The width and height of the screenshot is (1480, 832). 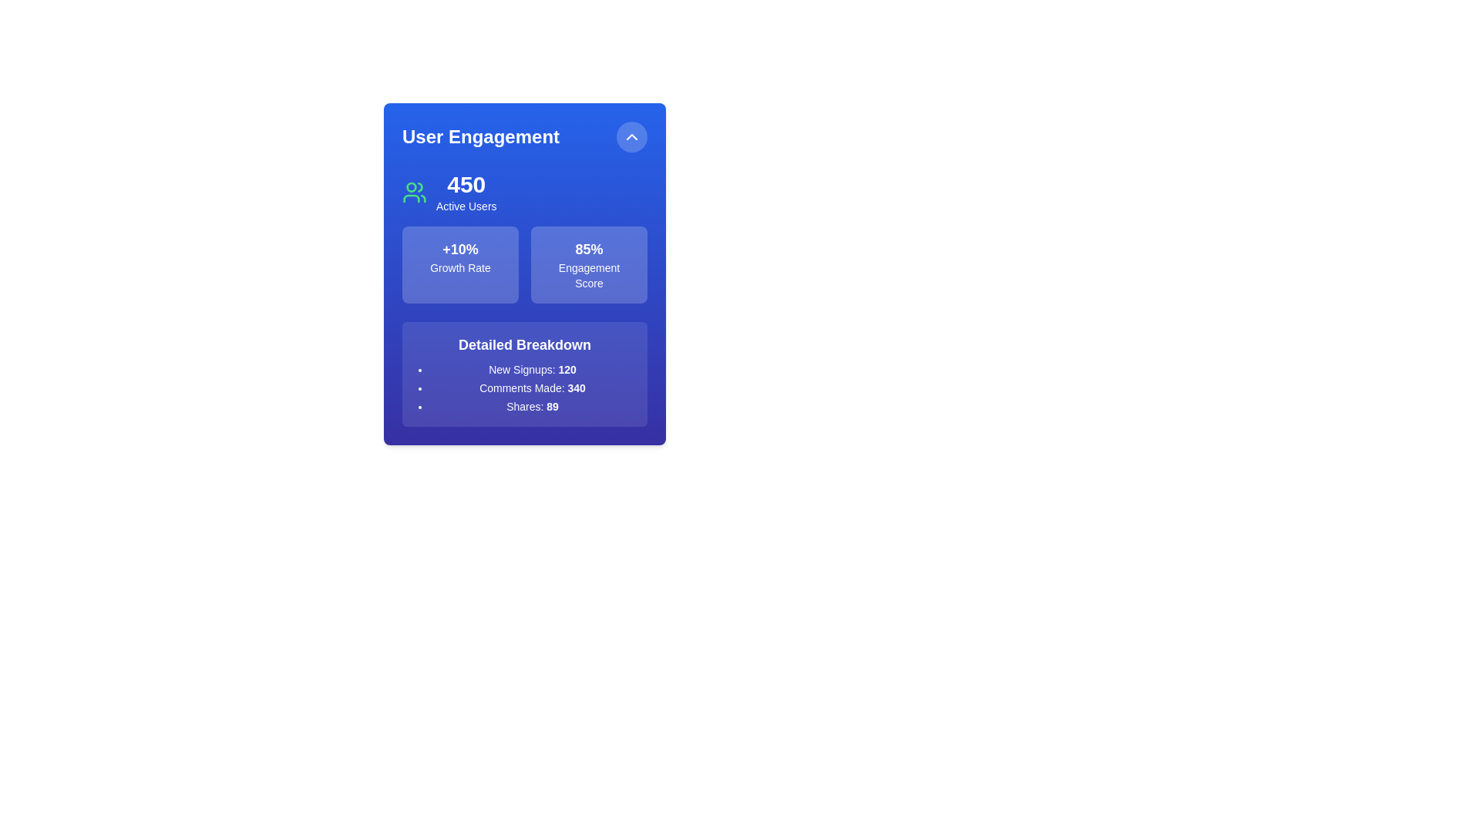 What do you see at coordinates (576, 387) in the screenshot?
I see `the numerical value '340' styled in white typography against a blue background, located under the 'Detailed Breakdown' section to interact with further details` at bounding box center [576, 387].